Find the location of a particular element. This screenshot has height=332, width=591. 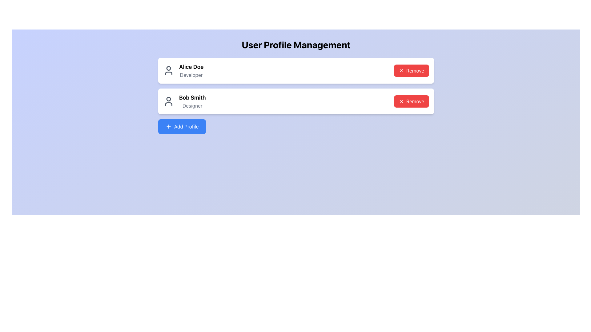

the text label displaying the user's name and designation in the second row of user entries under 'User Profile Management' is located at coordinates (192, 101).